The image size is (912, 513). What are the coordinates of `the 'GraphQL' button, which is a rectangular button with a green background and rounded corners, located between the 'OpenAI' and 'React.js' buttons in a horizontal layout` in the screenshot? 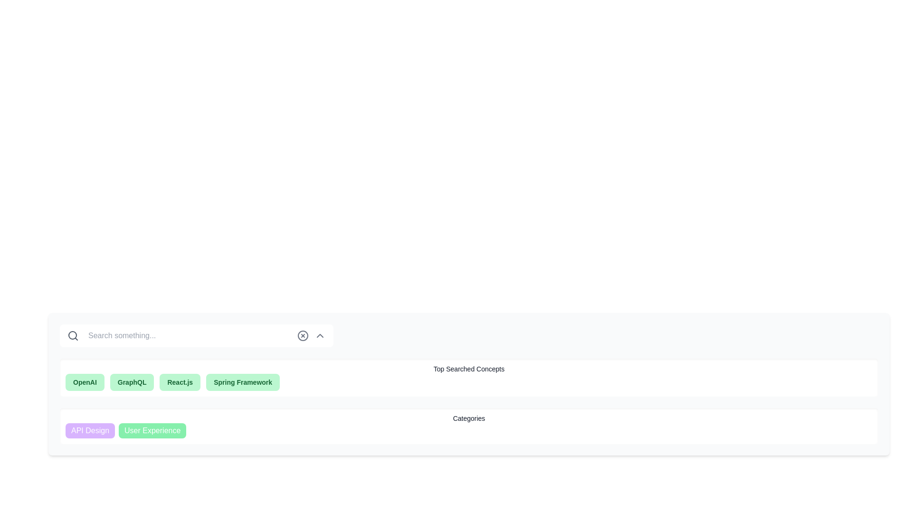 It's located at (132, 382).